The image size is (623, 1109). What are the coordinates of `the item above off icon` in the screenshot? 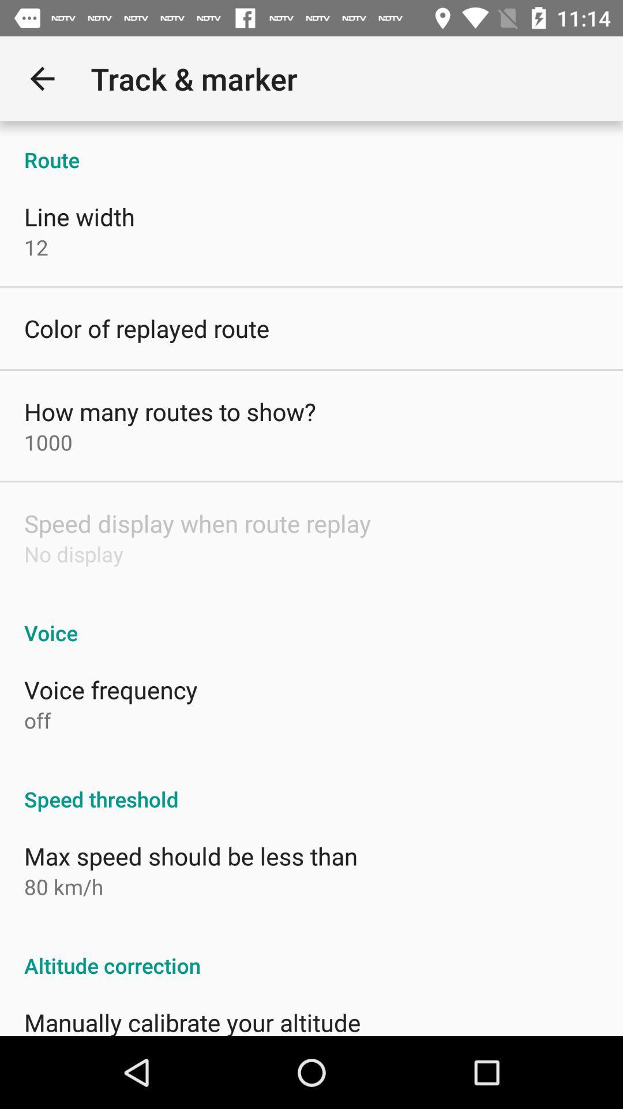 It's located at (111, 690).